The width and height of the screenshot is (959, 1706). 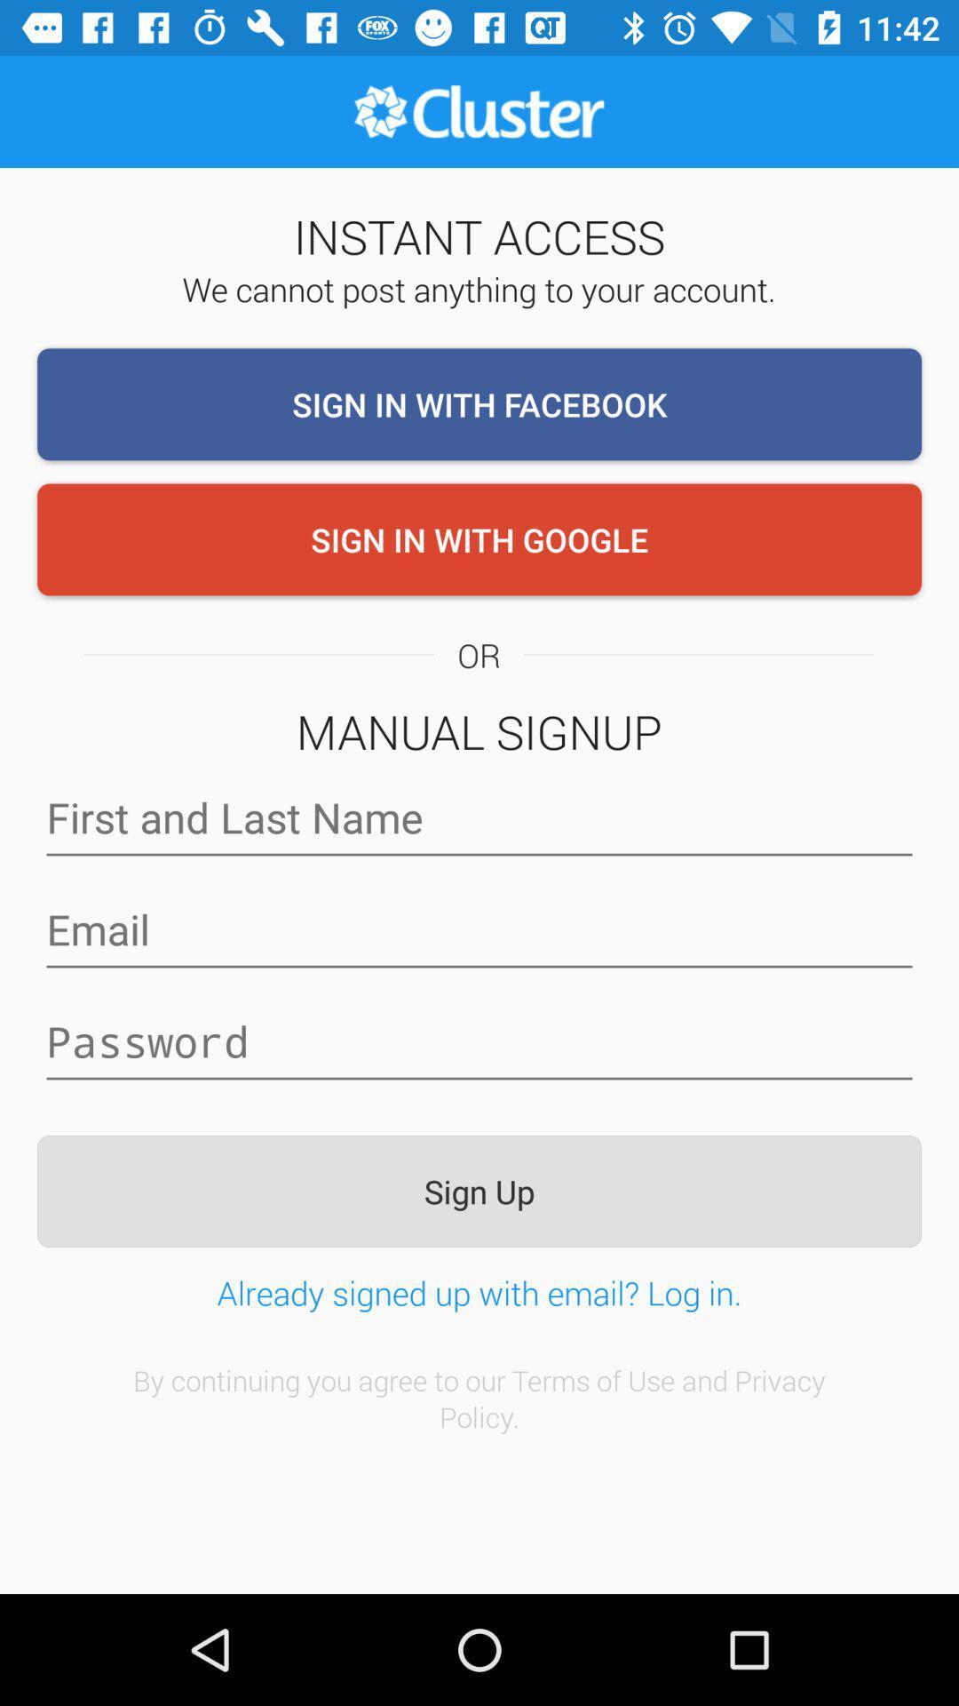 What do you see at coordinates (479, 929) in the screenshot?
I see `because back devicer` at bounding box center [479, 929].